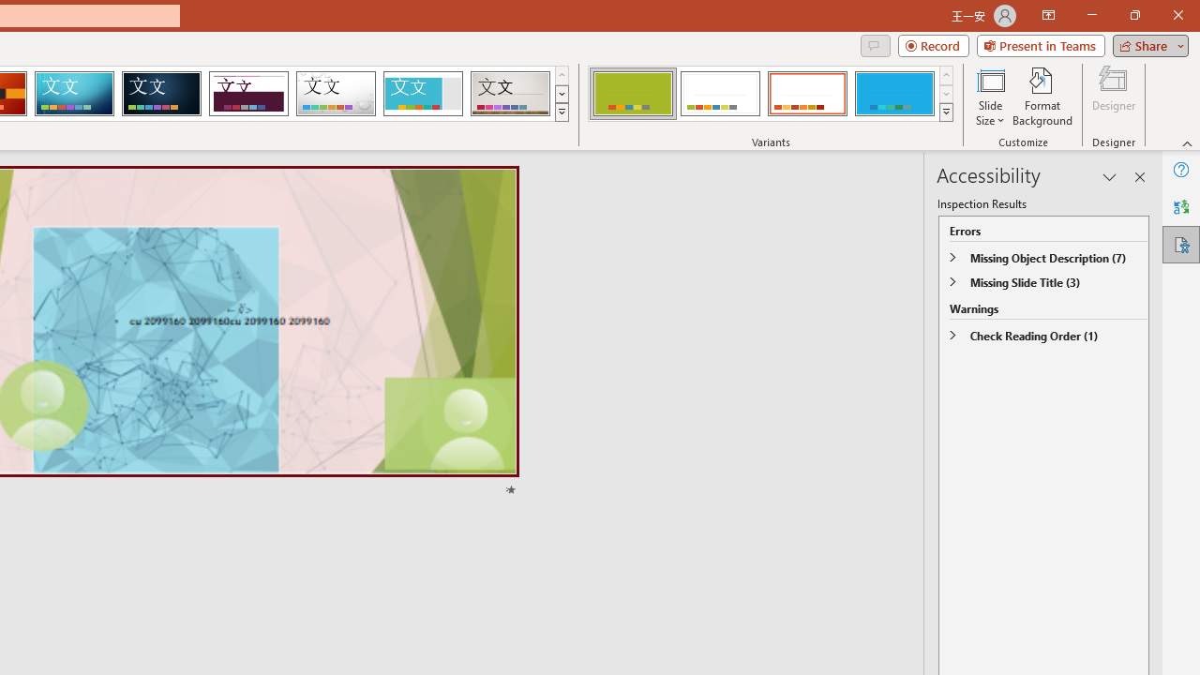 The height and width of the screenshot is (675, 1200). I want to click on 'Droplet', so click(336, 94).